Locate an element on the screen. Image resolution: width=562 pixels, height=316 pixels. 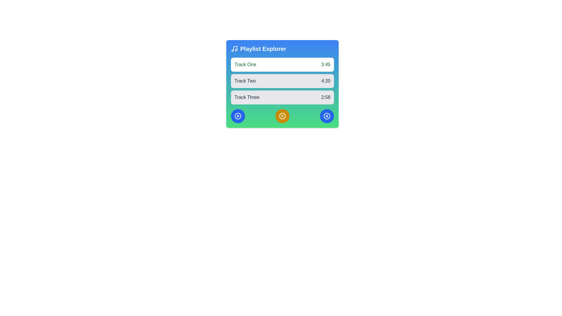
the circular yellow pause button with two vertical bars inside a white circle outline is located at coordinates (282, 116).